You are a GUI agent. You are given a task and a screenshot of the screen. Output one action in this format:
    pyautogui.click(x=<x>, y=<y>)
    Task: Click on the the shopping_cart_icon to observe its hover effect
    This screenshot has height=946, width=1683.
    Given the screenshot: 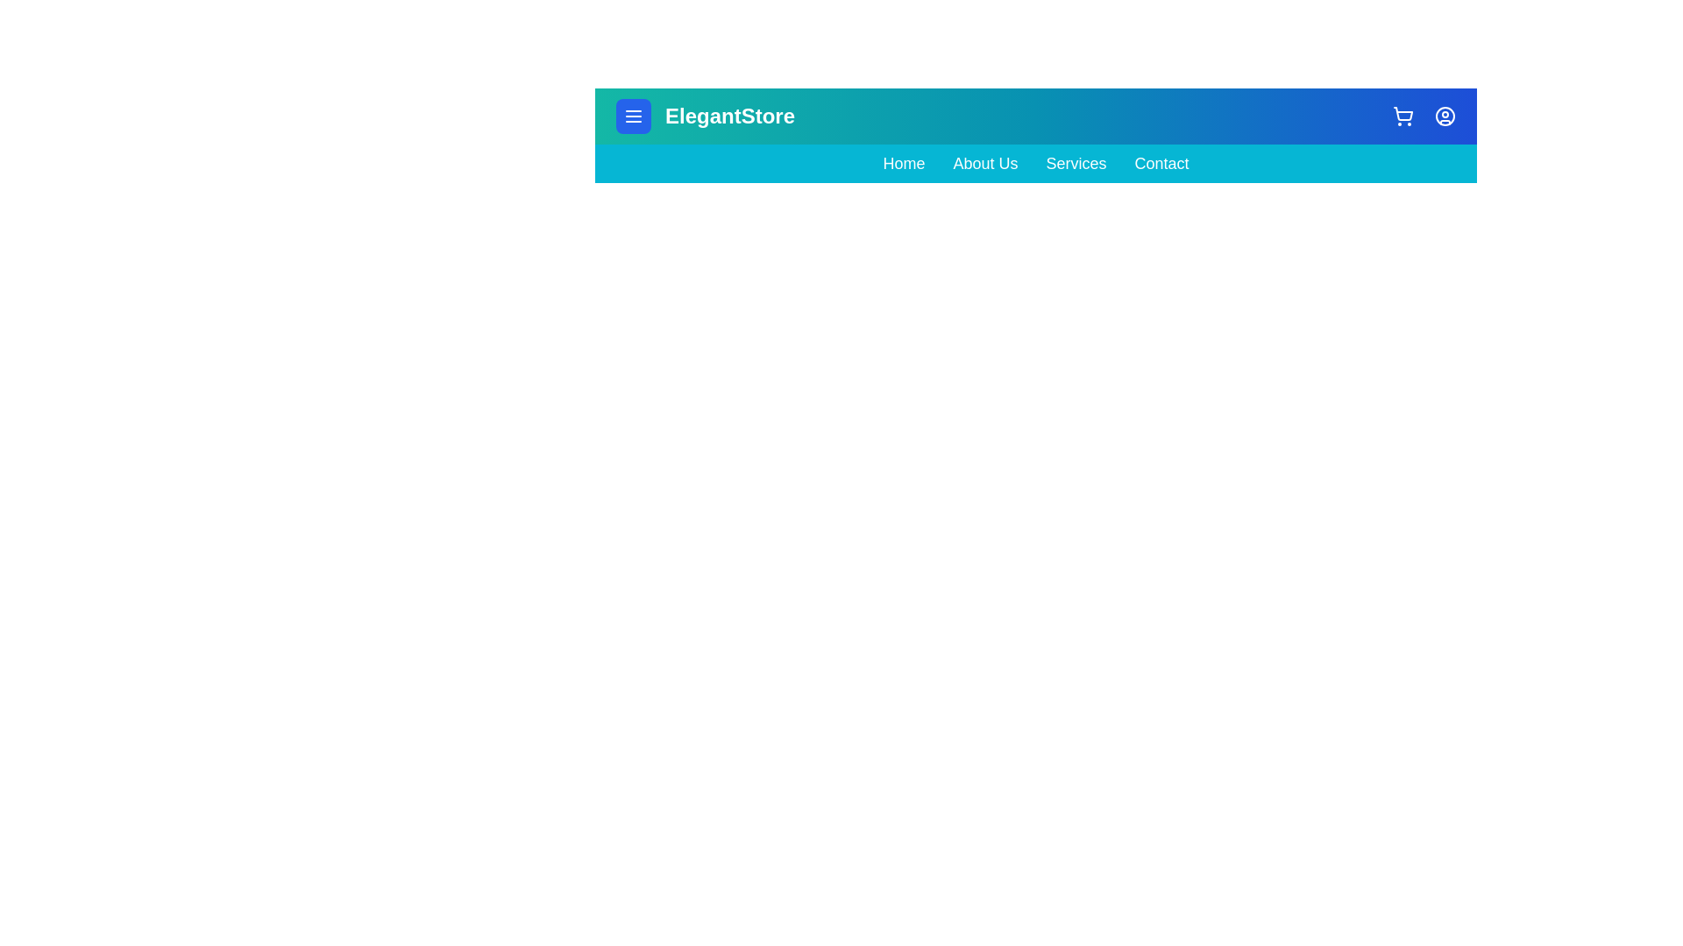 What is the action you would take?
    pyautogui.click(x=1403, y=116)
    